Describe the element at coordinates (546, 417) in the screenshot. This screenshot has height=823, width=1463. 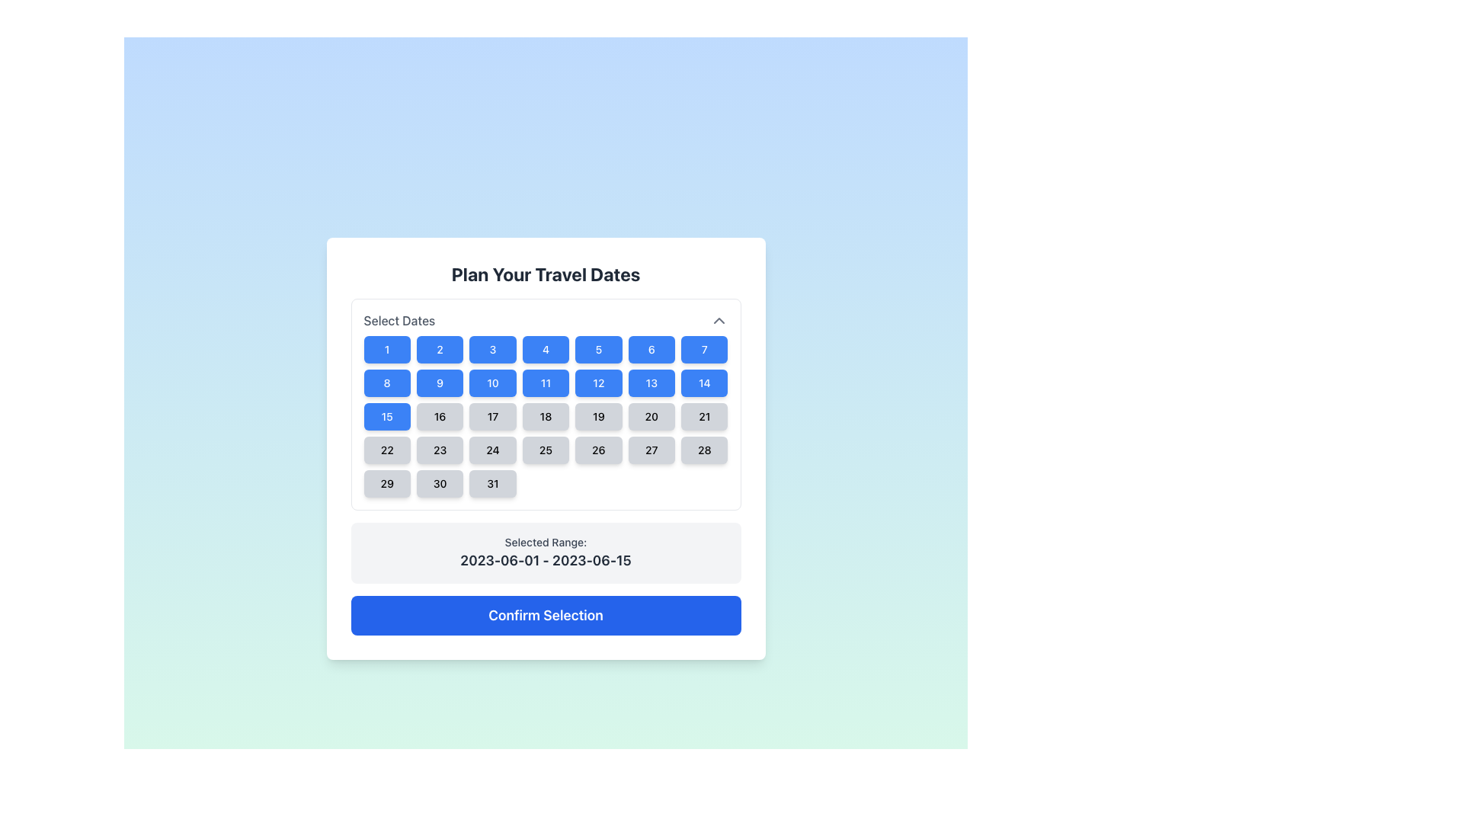
I see `the grid layout labeled 'Plan Your Travel Dates' to interact with its cells` at that location.